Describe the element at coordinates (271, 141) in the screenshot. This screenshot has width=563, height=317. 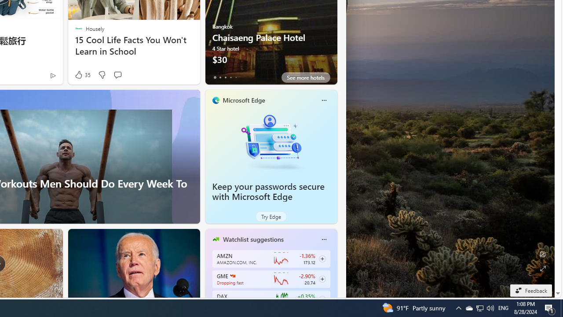
I see `'Keep your passwords secure with Microsoft Edge'` at that location.